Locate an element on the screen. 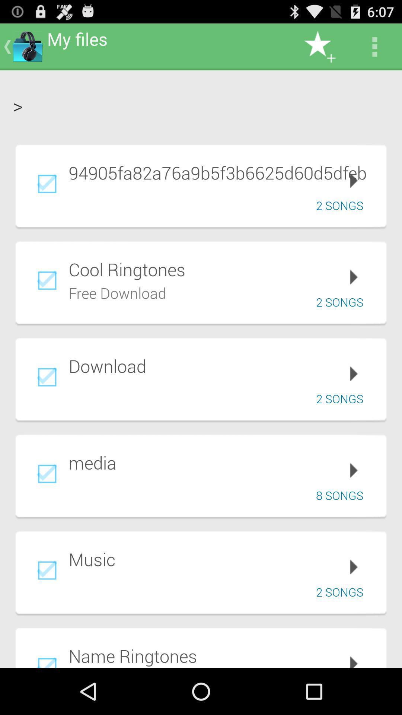 The width and height of the screenshot is (402, 715). icon below the 8 songs app is located at coordinates (222, 559).